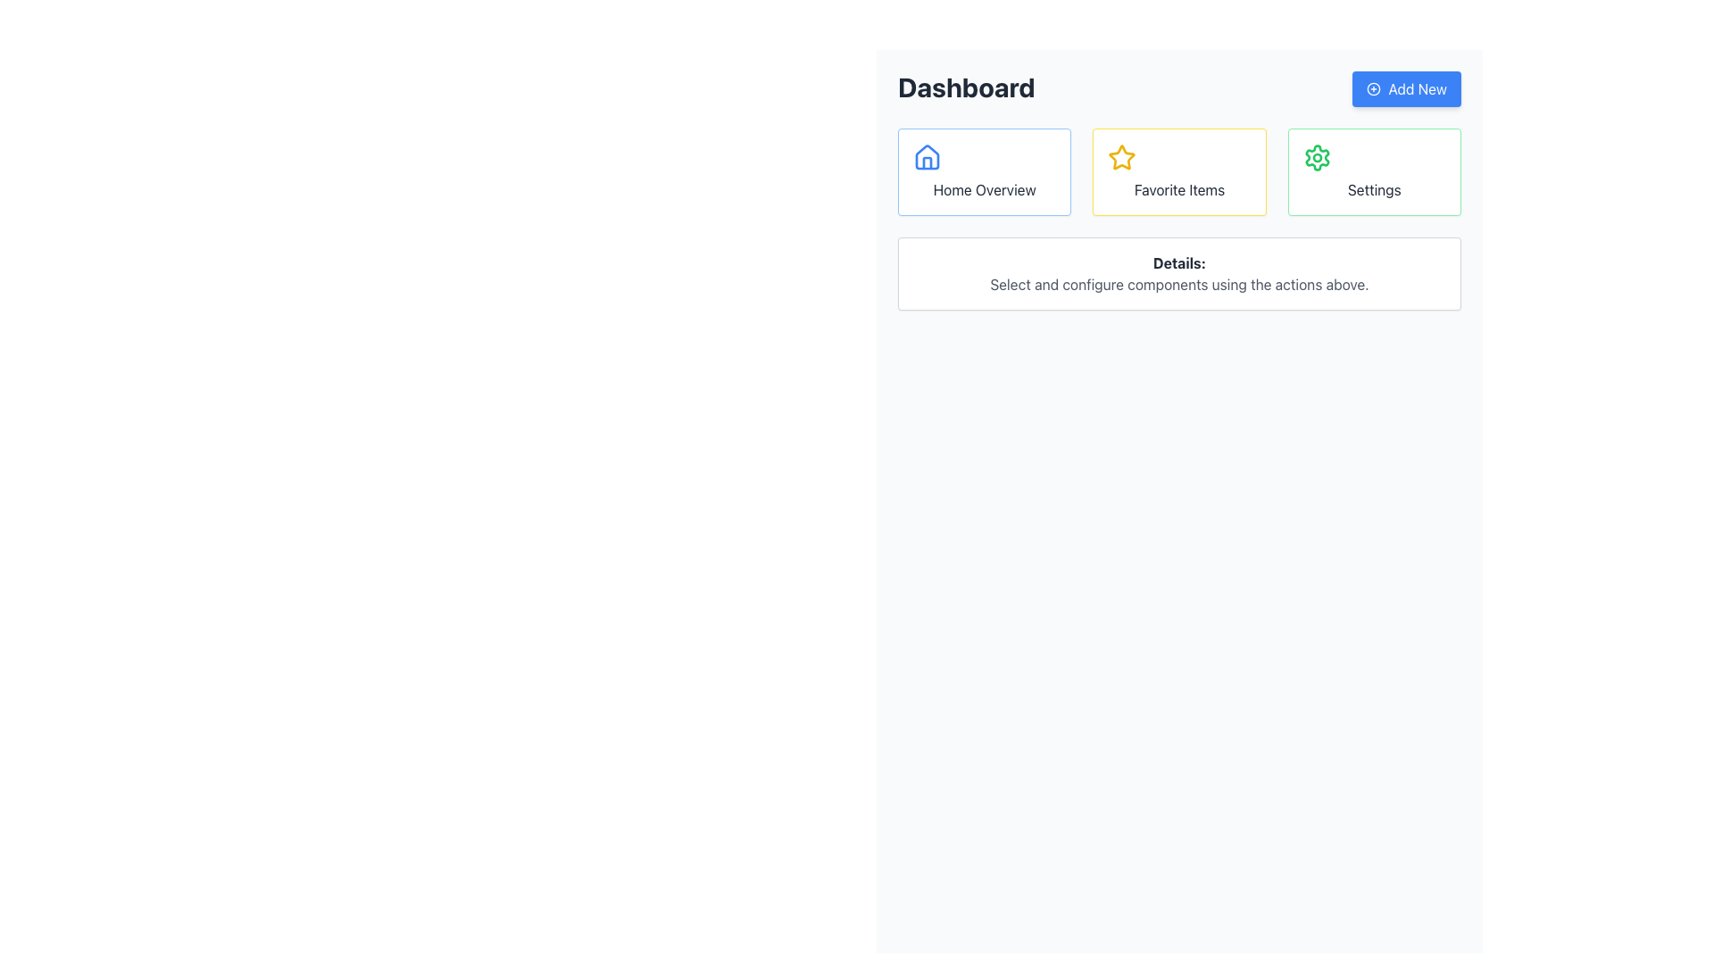 This screenshot has width=1714, height=964. What do you see at coordinates (1179, 274) in the screenshot?
I see `the informational panel that provides guidance for selecting and configuring components, located below 'Home Overview', 'Favorite Items', and 'Settings'` at bounding box center [1179, 274].